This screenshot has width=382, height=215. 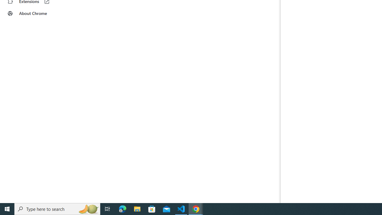 What do you see at coordinates (57, 208) in the screenshot?
I see `'Type here to search'` at bounding box center [57, 208].